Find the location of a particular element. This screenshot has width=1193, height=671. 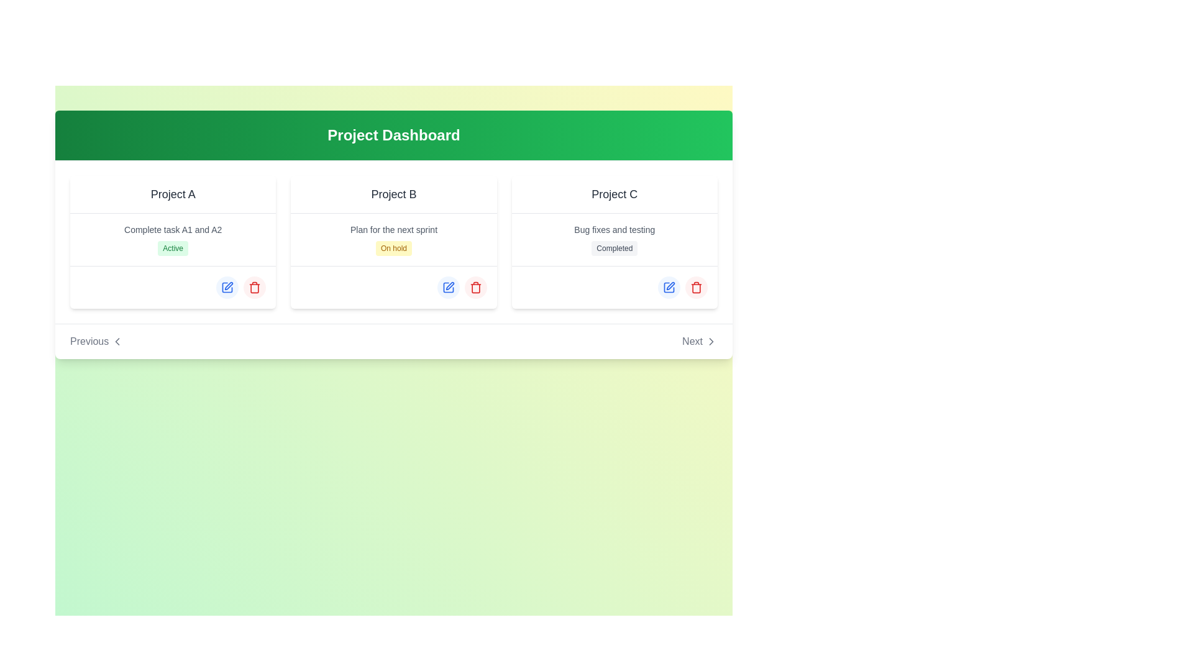

the trash bin icon button within the action controls of the third card in the 'Project C' section is located at coordinates (697, 287).